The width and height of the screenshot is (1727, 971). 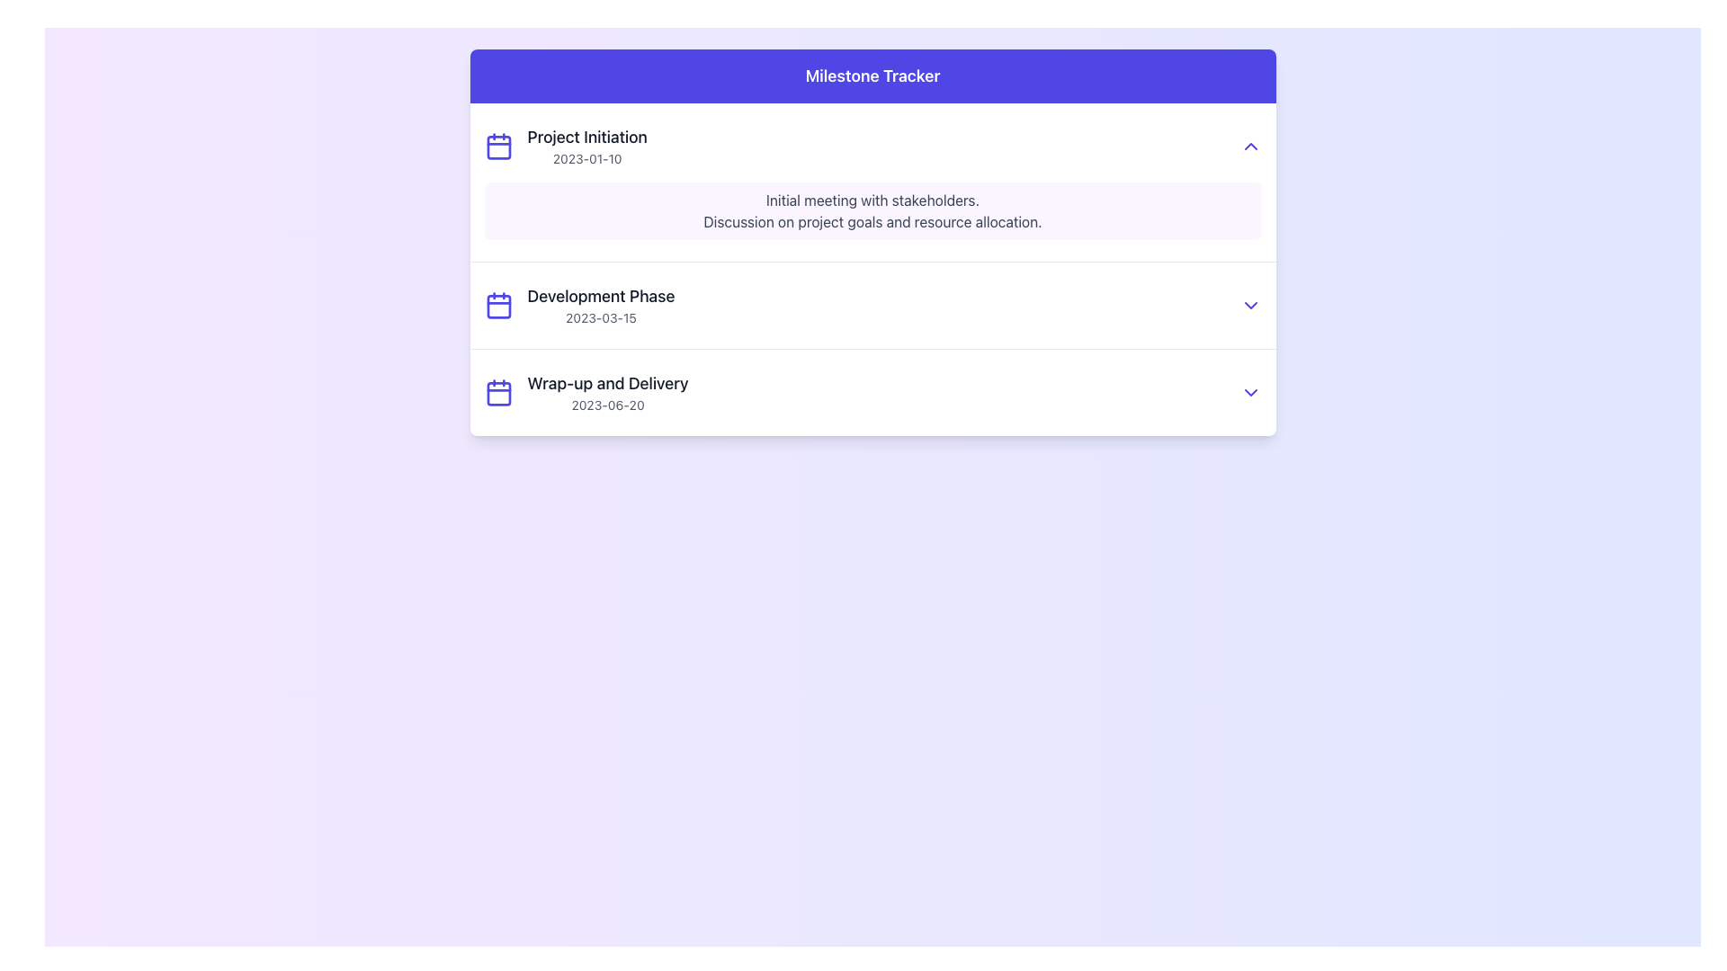 What do you see at coordinates (498, 393) in the screenshot?
I see `the calendar icon representing the 'Wrap-up and Delivery' milestone in the timeline` at bounding box center [498, 393].